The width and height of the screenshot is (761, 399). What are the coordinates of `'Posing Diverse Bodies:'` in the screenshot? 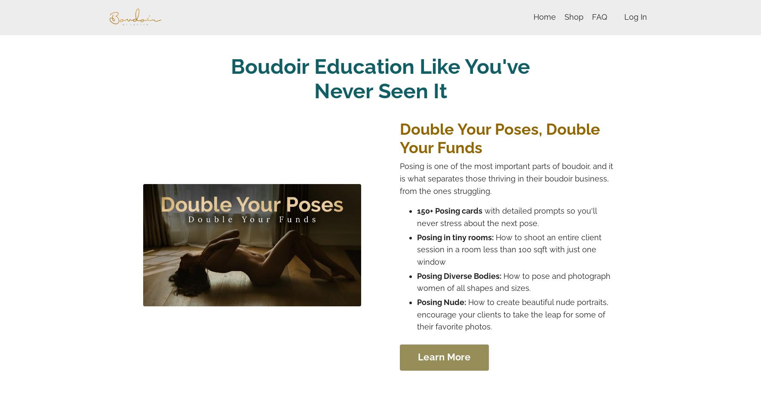 It's located at (459, 275).